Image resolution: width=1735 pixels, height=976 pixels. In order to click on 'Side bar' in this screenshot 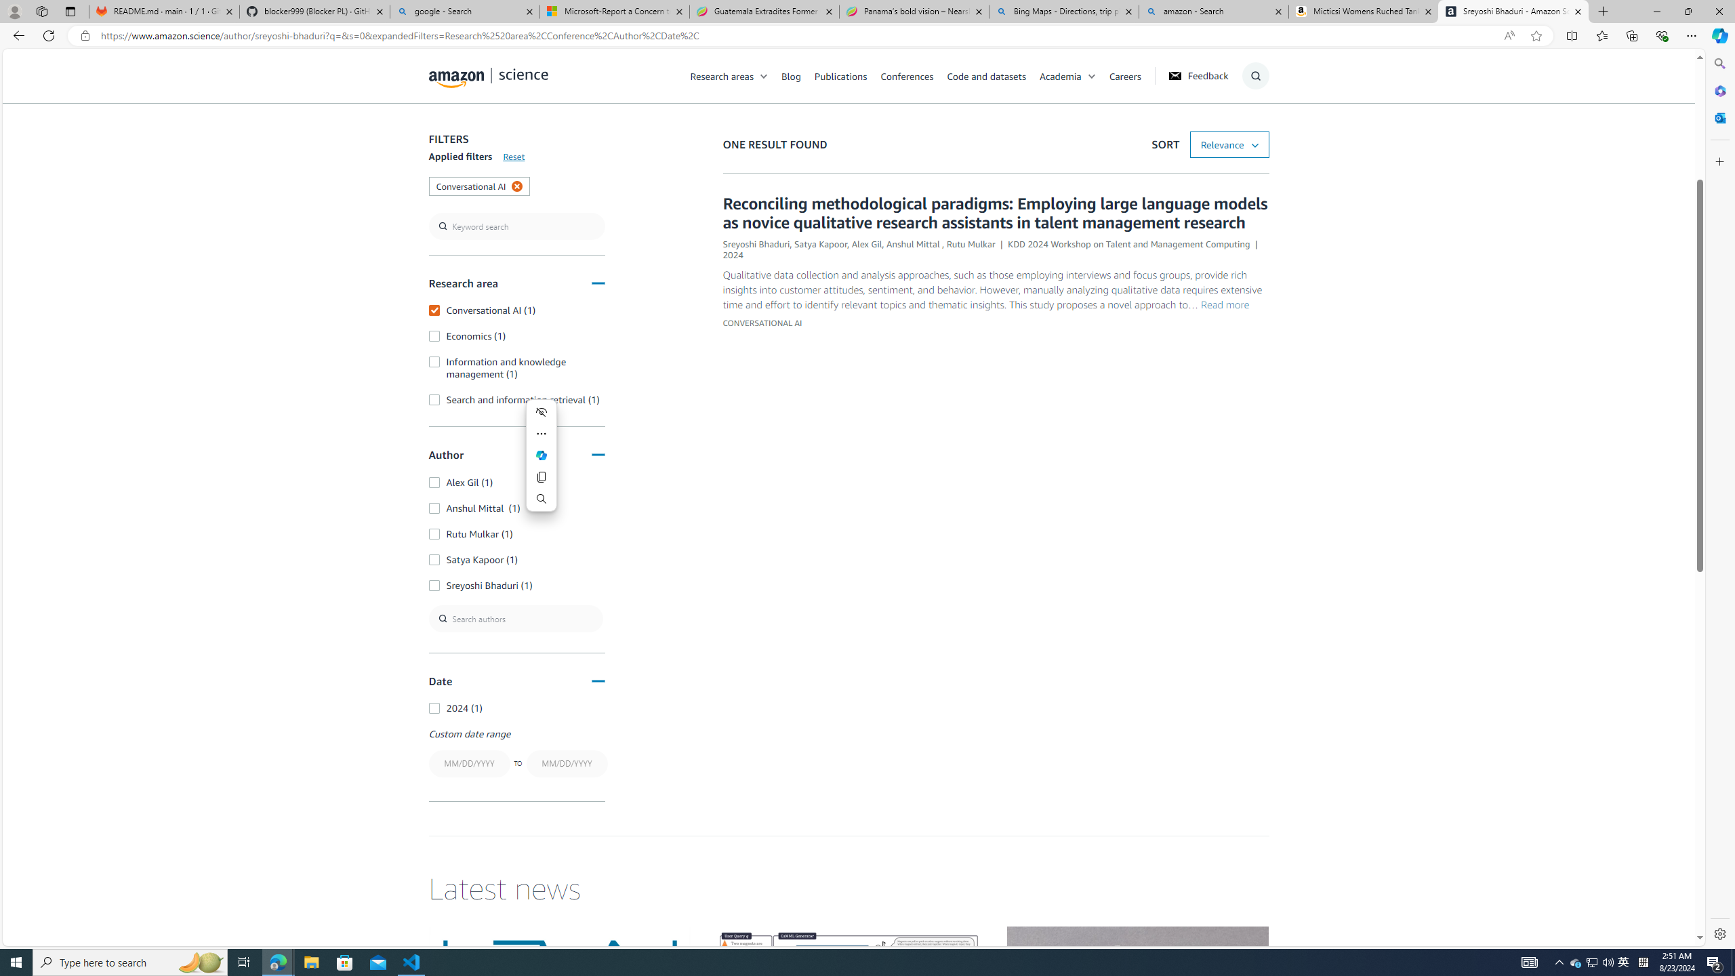, I will do `click(1719, 498)`.